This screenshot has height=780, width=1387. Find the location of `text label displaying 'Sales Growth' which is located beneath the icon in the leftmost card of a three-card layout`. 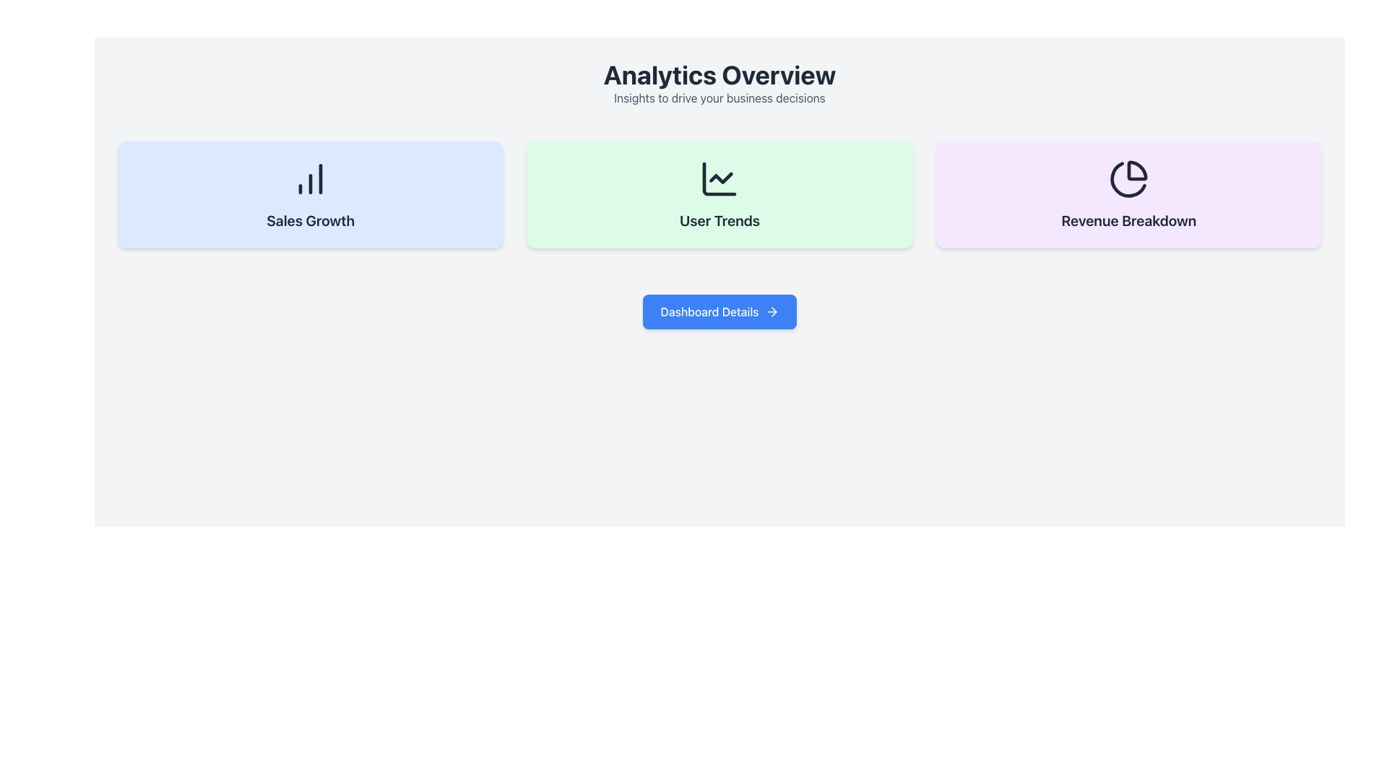

text label displaying 'Sales Growth' which is located beneath the icon in the leftmost card of a three-card layout is located at coordinates (310, 220).